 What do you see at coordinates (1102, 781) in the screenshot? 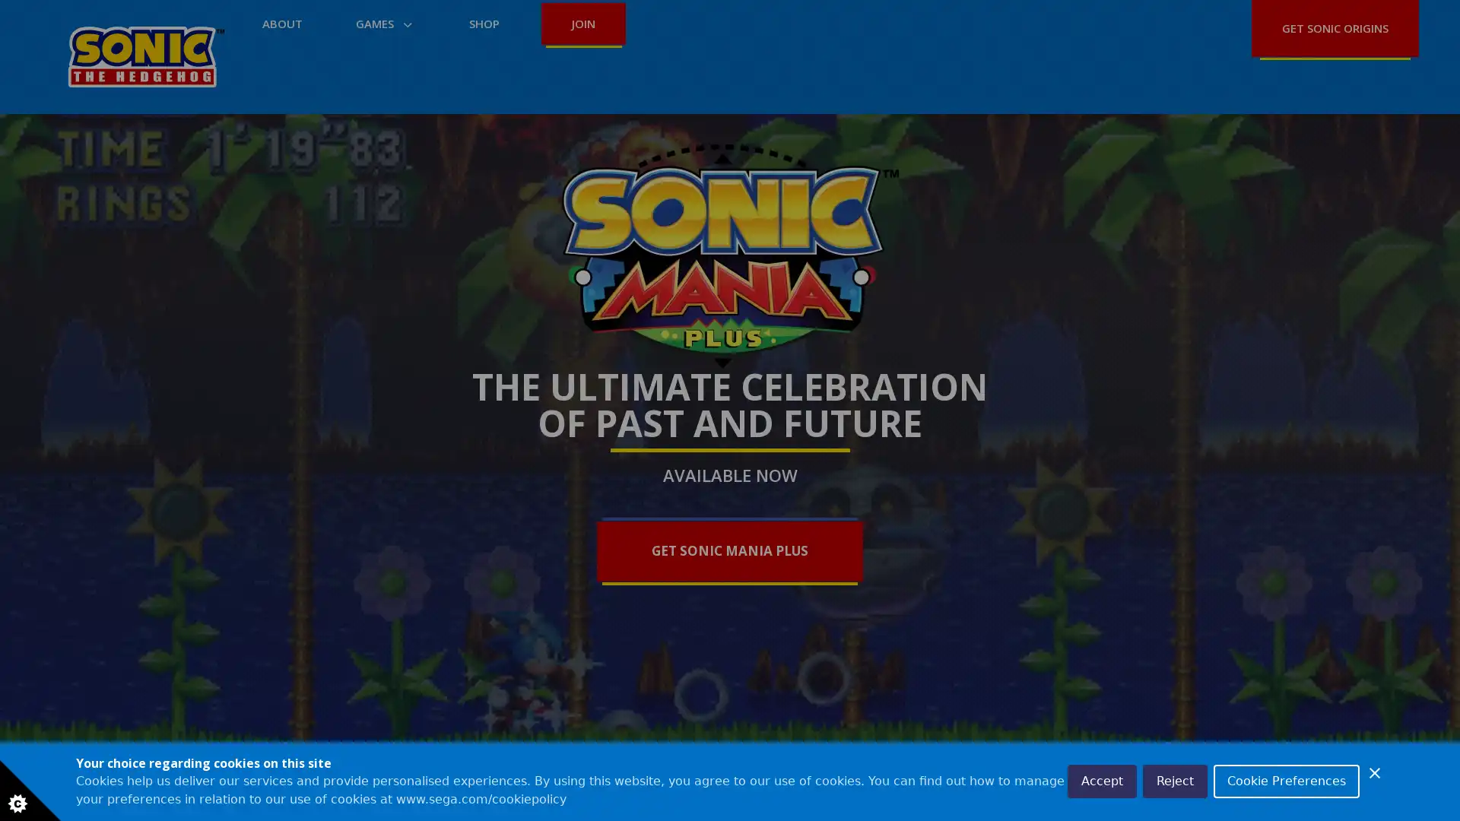
I see `Accept` at bounding box center [1102, 781].